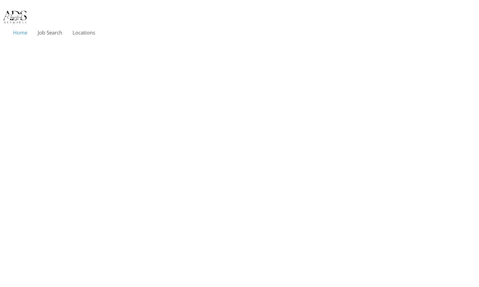 This screenshot has width=479, height=287. I want to click on 'Bulgaria', so click(89, 153).